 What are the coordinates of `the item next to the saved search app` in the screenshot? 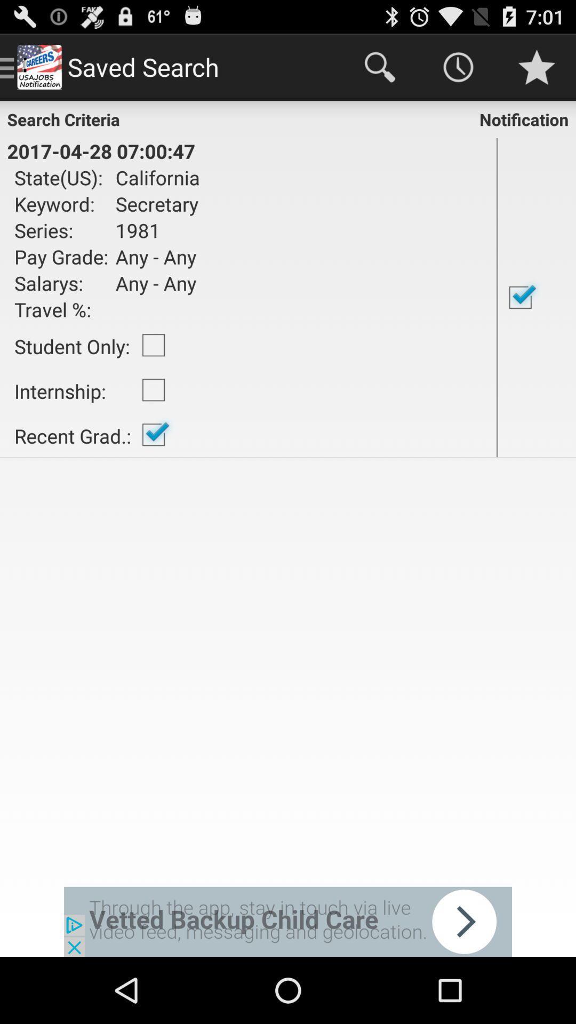 It's located at (379, 66).